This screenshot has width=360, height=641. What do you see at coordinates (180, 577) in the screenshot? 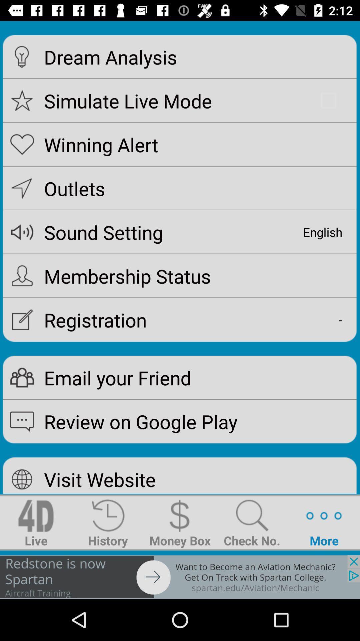
I see `for spartan` at bounding box center [180, 577].